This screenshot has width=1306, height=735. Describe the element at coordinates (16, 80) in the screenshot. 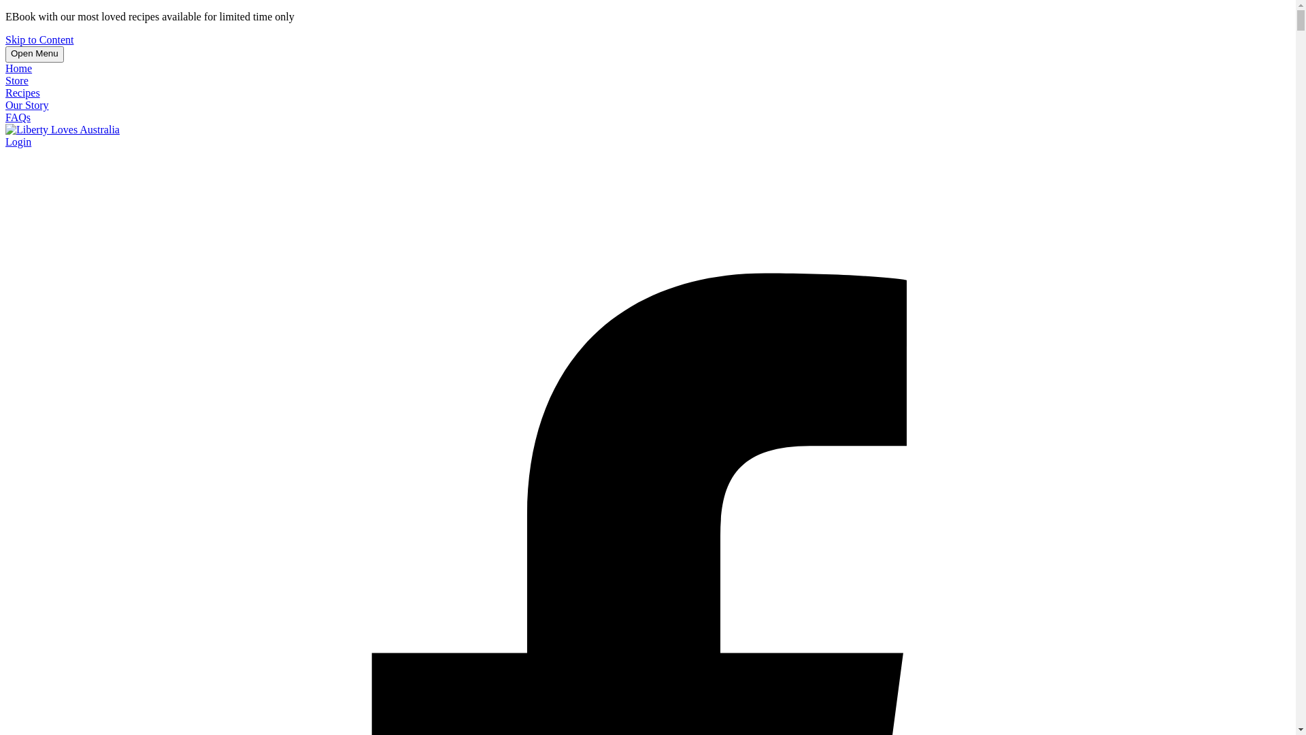

I see `'Store'` at that location.